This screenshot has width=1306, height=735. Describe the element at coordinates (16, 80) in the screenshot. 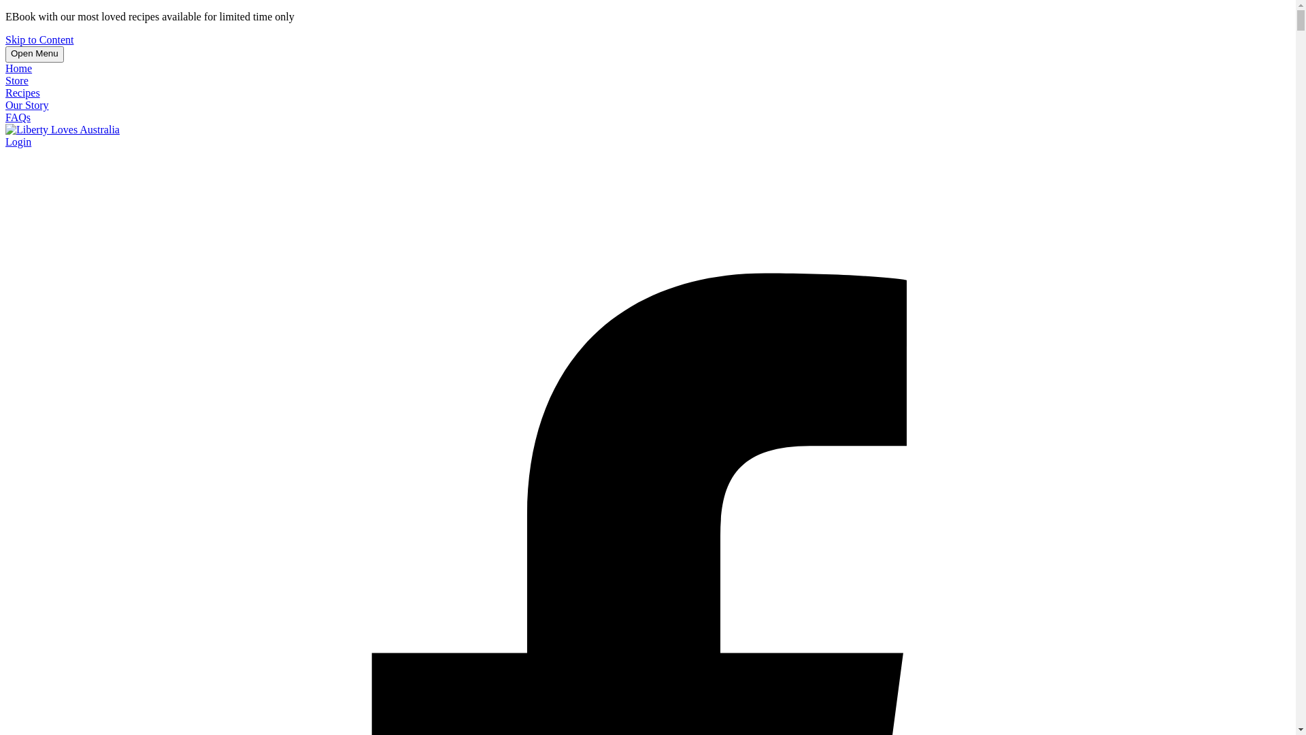

I see `'Store'` at that location.